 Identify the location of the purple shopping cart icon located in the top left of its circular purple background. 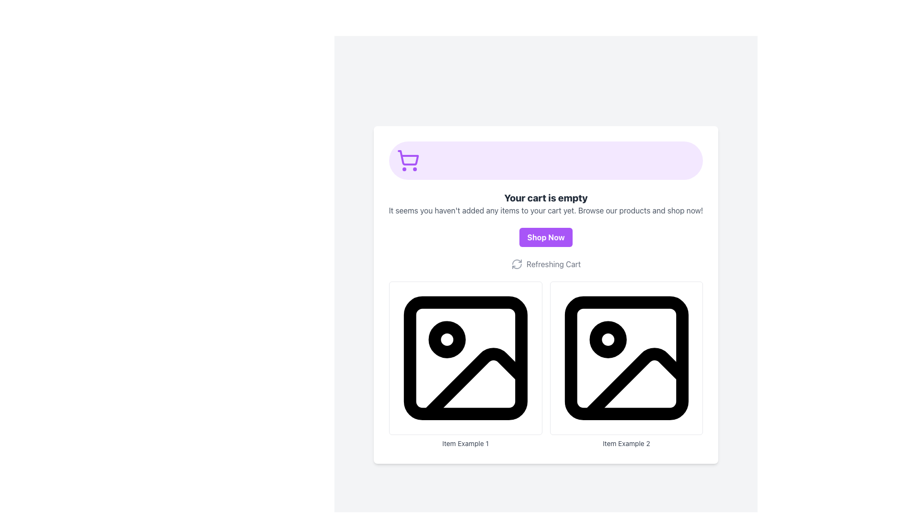
(408, 160).